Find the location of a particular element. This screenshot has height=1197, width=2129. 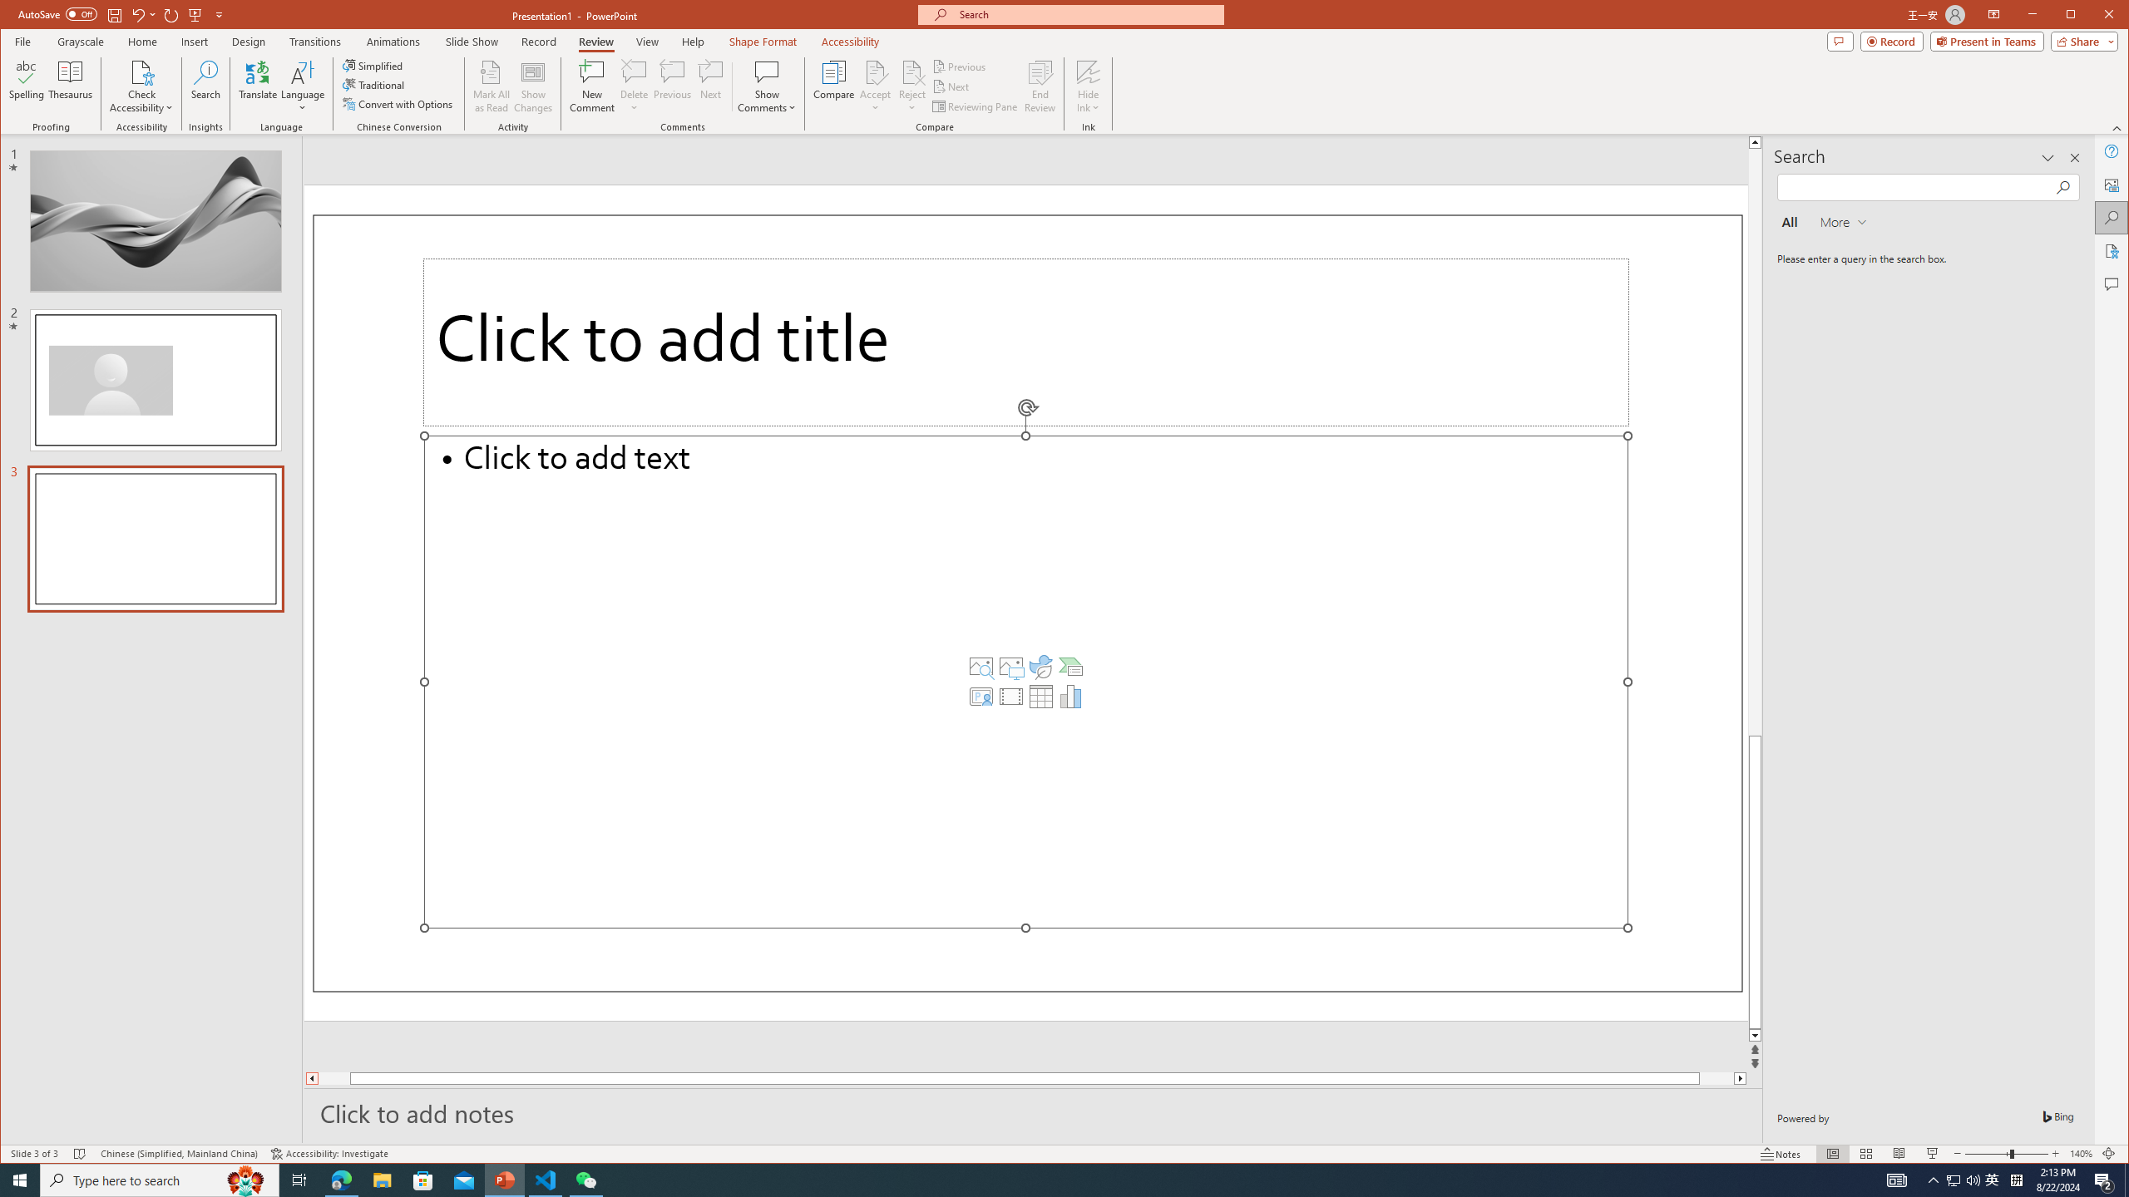

'Translate' is located at coordinates (257, 86).